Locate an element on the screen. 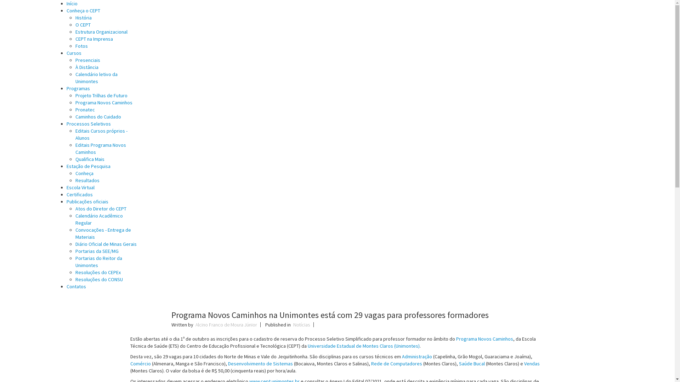 This screenshot has width=680, height=382. 'Contatos' is located at coordinates (66, 286).